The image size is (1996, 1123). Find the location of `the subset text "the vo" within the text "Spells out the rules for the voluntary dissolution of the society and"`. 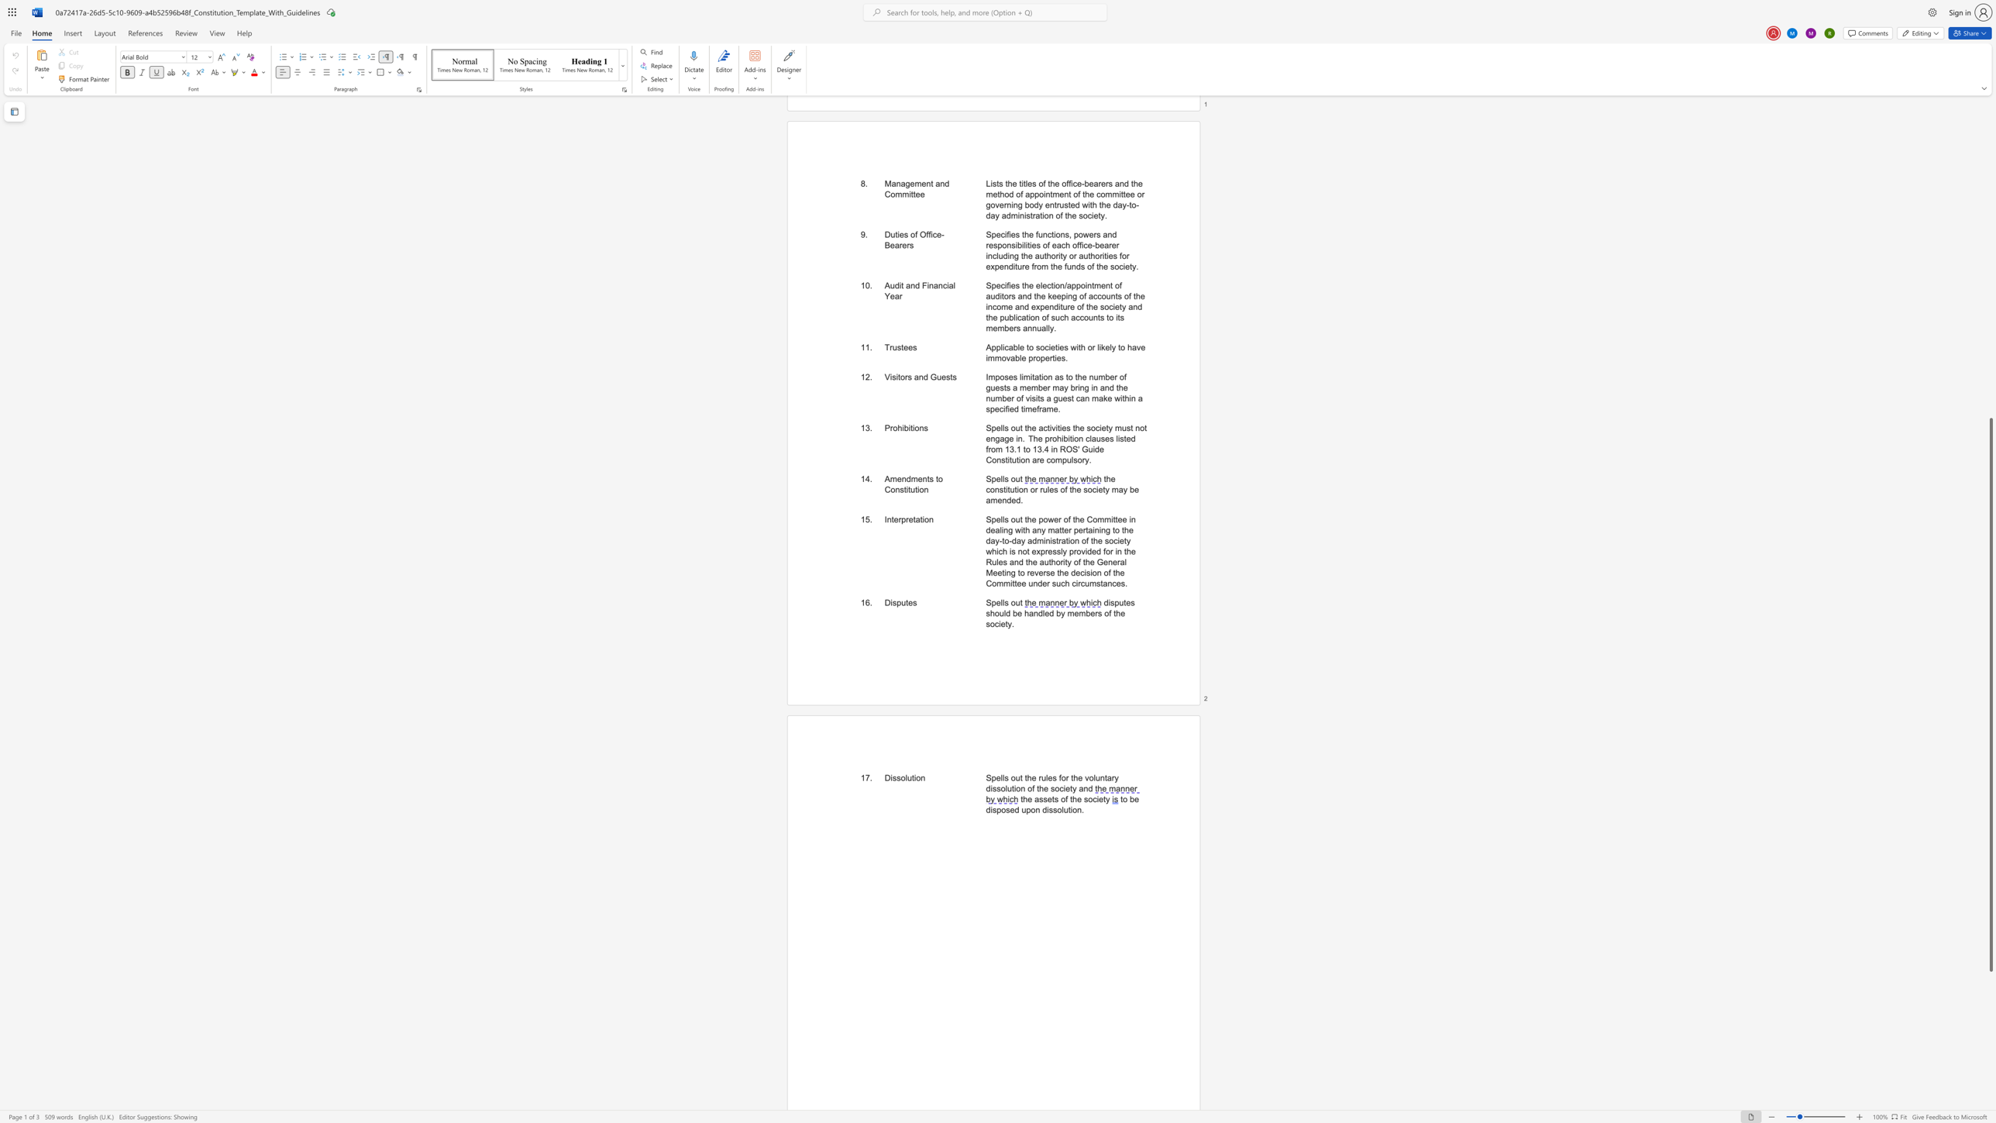

the subset text "the vo" within the text "Spells out the rules for the voluntary dissolution of the society and" is located at coordinates (1070, 777).